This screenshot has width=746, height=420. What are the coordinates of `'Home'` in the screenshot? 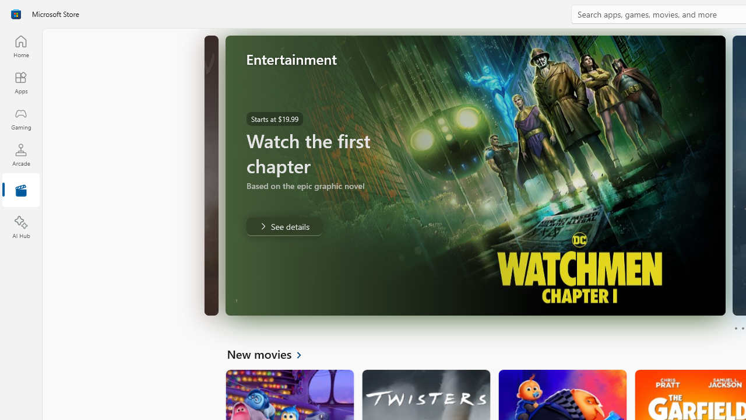 It's located at (20, 45).